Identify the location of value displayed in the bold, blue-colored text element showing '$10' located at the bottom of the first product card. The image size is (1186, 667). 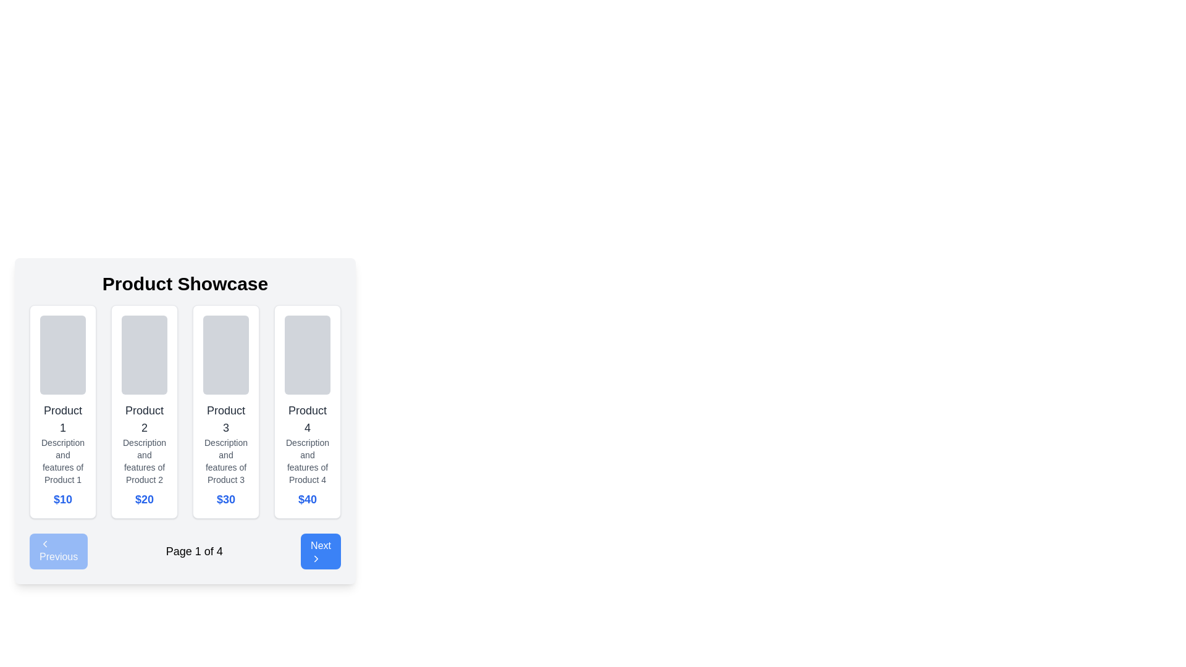
(62, 499).